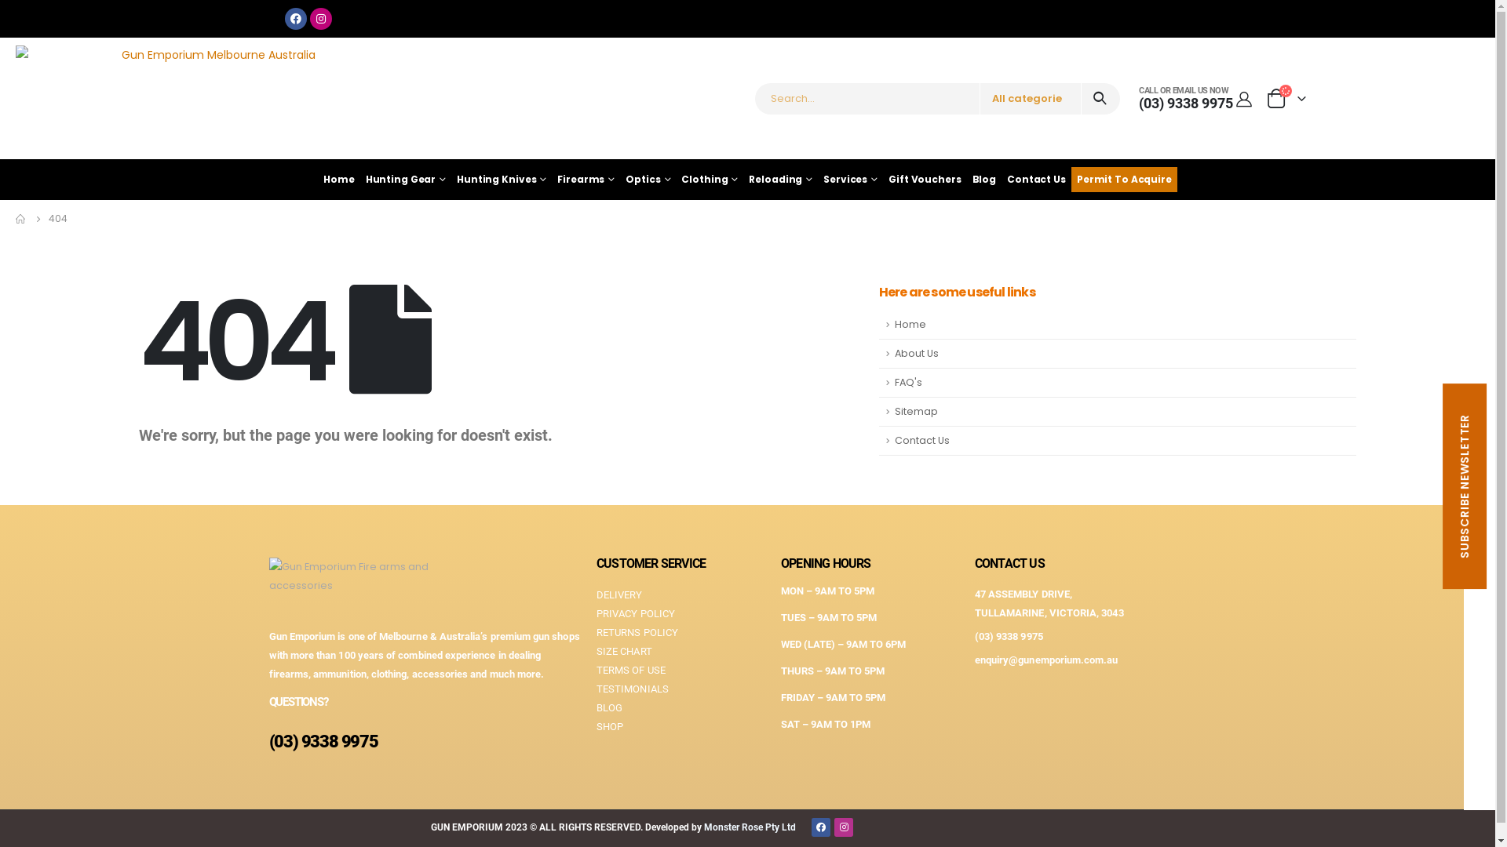  What do you see at coordinates (1117, 383) in the screenshot?
I see `'FAQ's'` at bounding box center [1117, 383].